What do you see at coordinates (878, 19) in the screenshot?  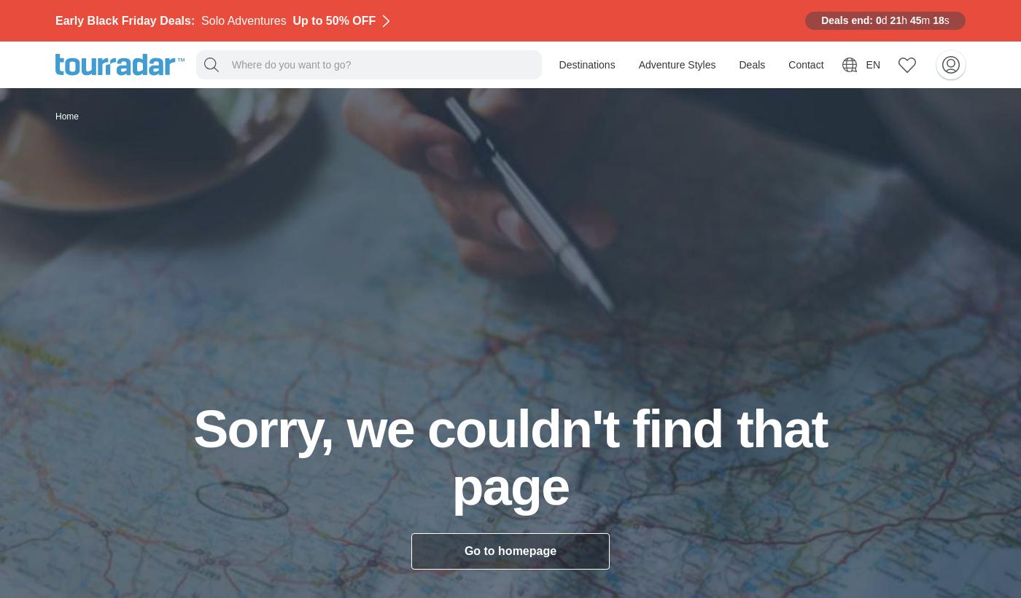 I see `'0'` at bounding box center [878, 19].